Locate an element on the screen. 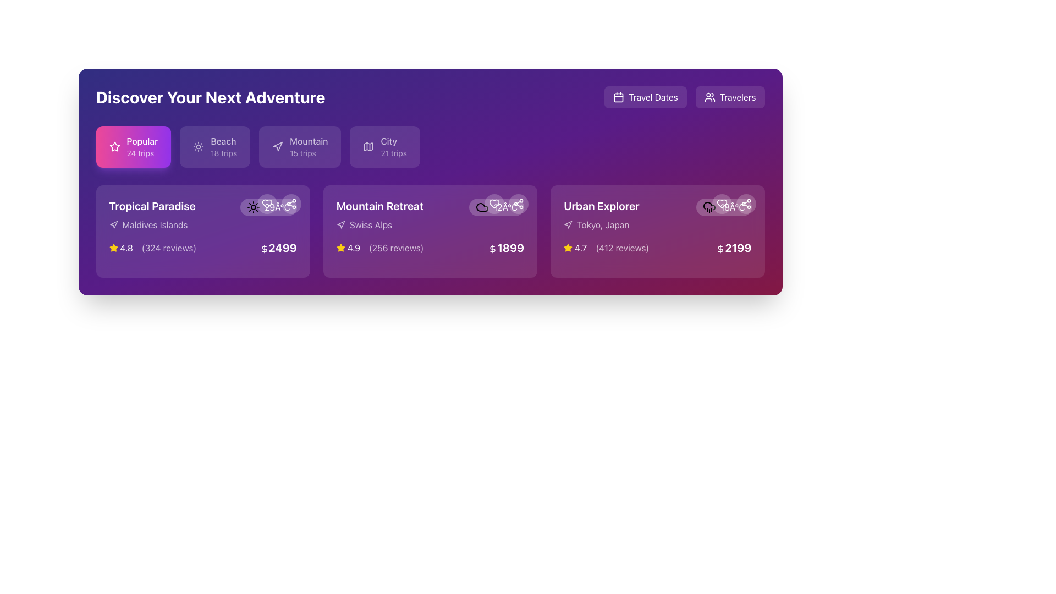 This screenshot has width=1056, height=594. the share button located is located at coordinates (746, 204).